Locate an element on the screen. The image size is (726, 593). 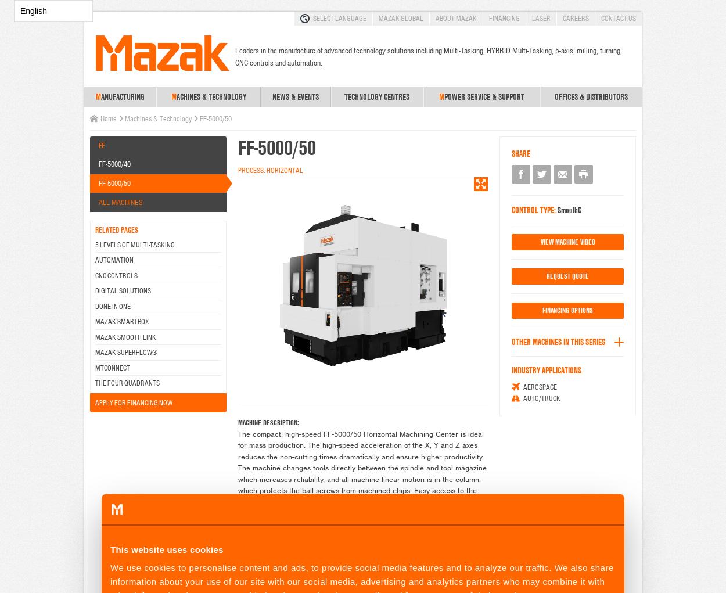
'MACHINE CHARACTERISTICS:' is located at coordinates (238, 543).